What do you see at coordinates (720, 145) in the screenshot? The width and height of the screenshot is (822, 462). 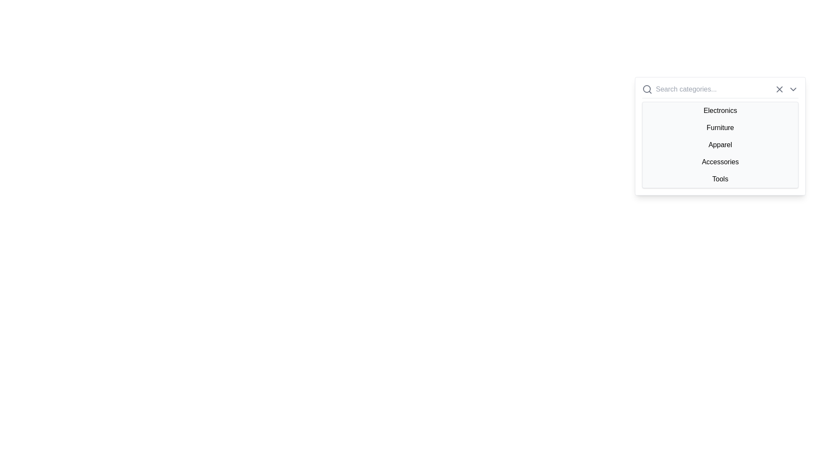 I see `the 'Apparel' category list item in the dropdown menu for accessibility navigation` at bounding box center [720, 145].